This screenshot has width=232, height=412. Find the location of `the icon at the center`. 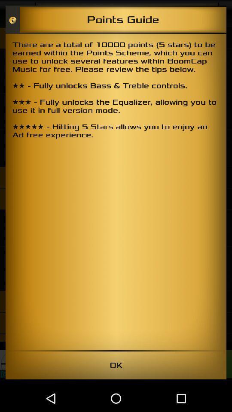

the icon at the center is located at coordinates (116, 192).